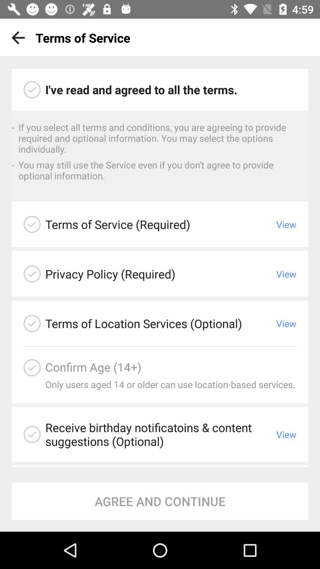  I want to click on terms and service, so click(32, 89).